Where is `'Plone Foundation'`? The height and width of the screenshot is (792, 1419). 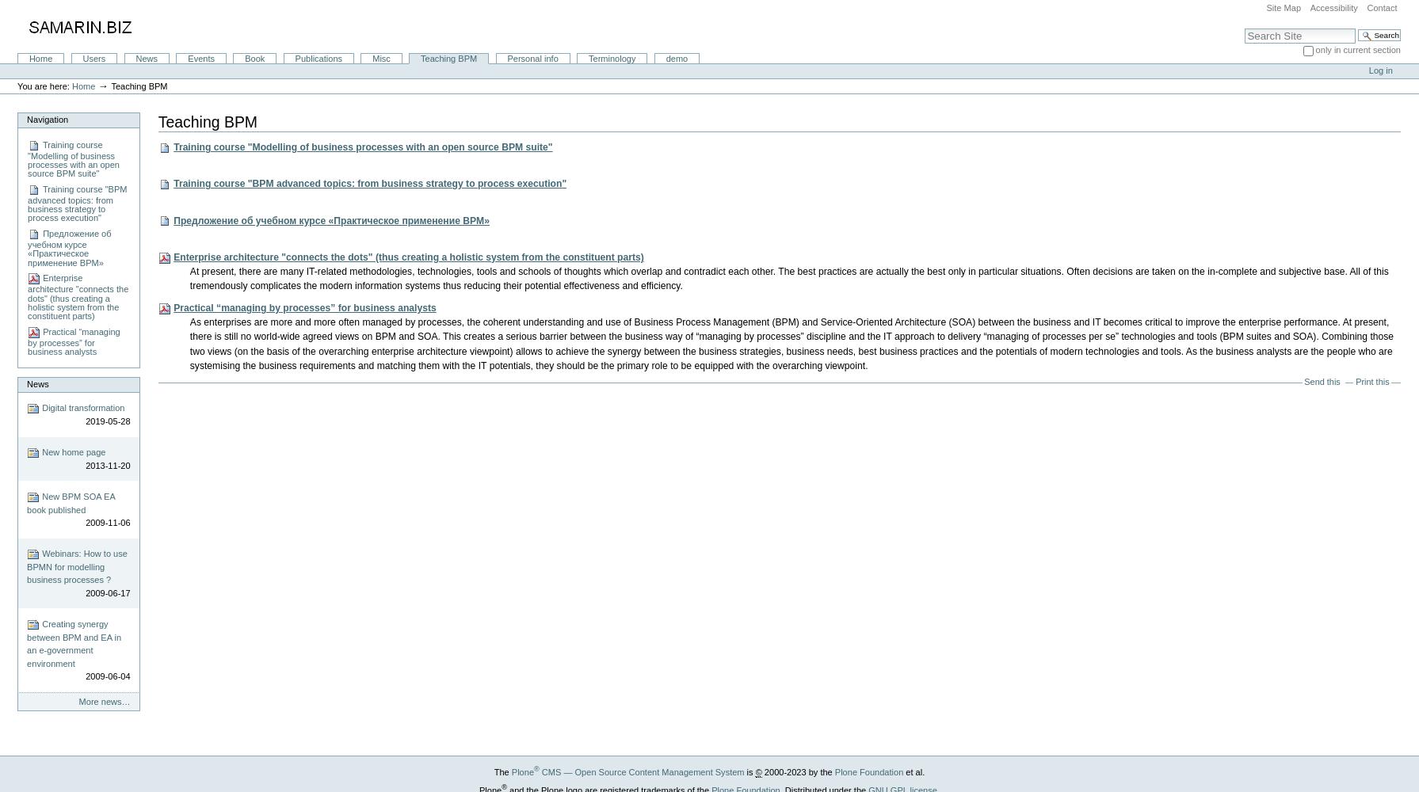 'Plone Foundation' is located at coordinates (868, 771).